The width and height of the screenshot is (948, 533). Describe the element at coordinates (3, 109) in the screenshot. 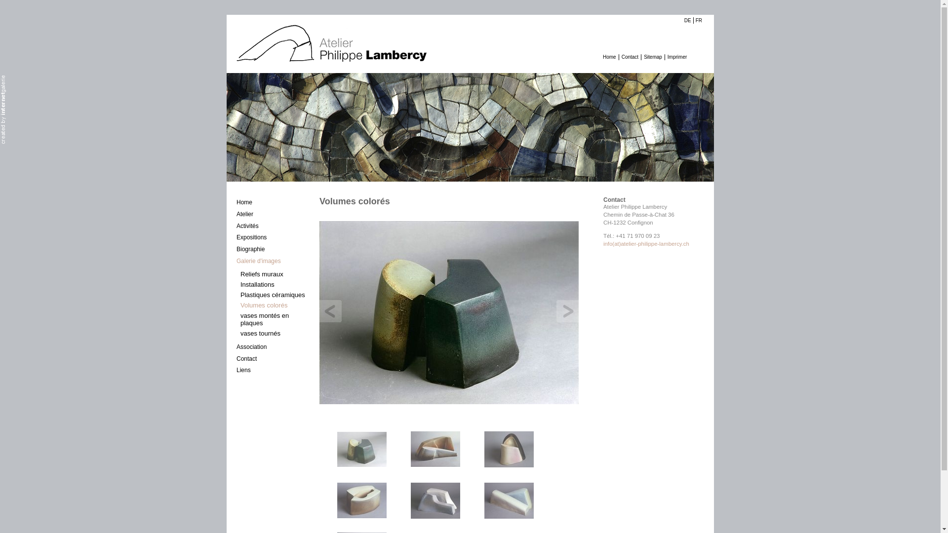

I see `'TYPO3 Agentur Bern, Thun, ganze Schweiz'` at that location.